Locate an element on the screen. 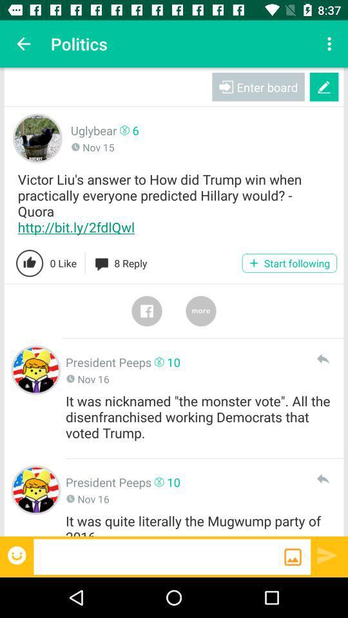 The image size is (348, 618). share to facebook is located at coordinates (146, 310).